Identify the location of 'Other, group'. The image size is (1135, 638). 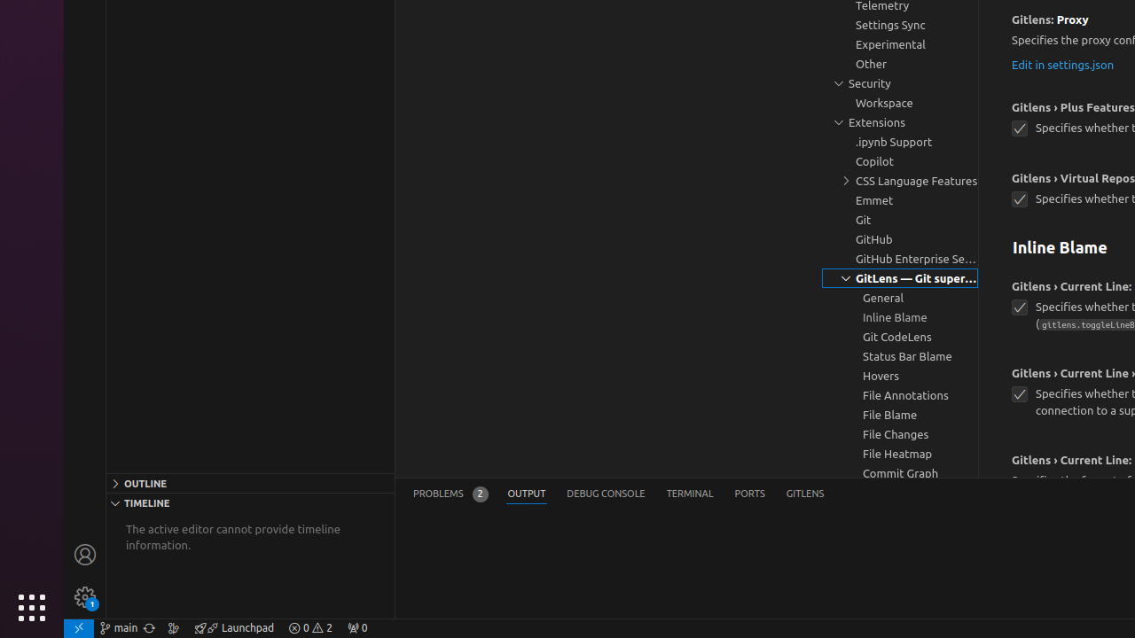
(900, 63).